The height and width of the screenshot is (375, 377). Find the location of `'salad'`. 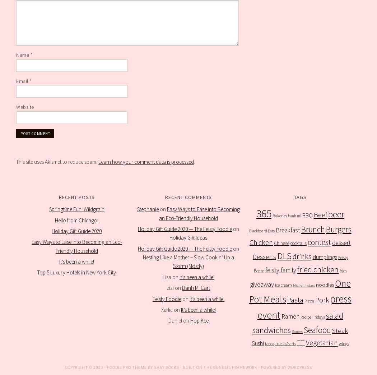

'salad' is located at coordinates (334, 316).